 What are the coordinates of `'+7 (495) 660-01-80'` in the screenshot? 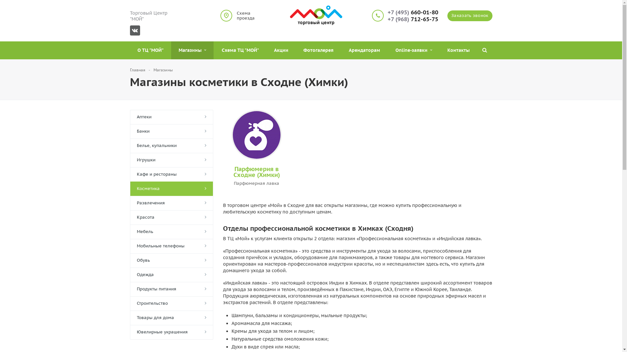 It's located at (412, 12).